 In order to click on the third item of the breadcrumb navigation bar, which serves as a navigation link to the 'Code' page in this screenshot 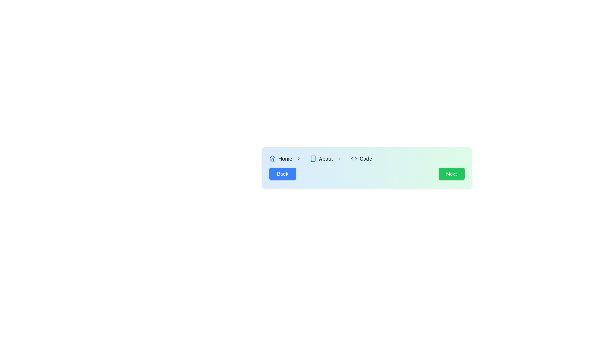, I will do `click(361, 158)`.